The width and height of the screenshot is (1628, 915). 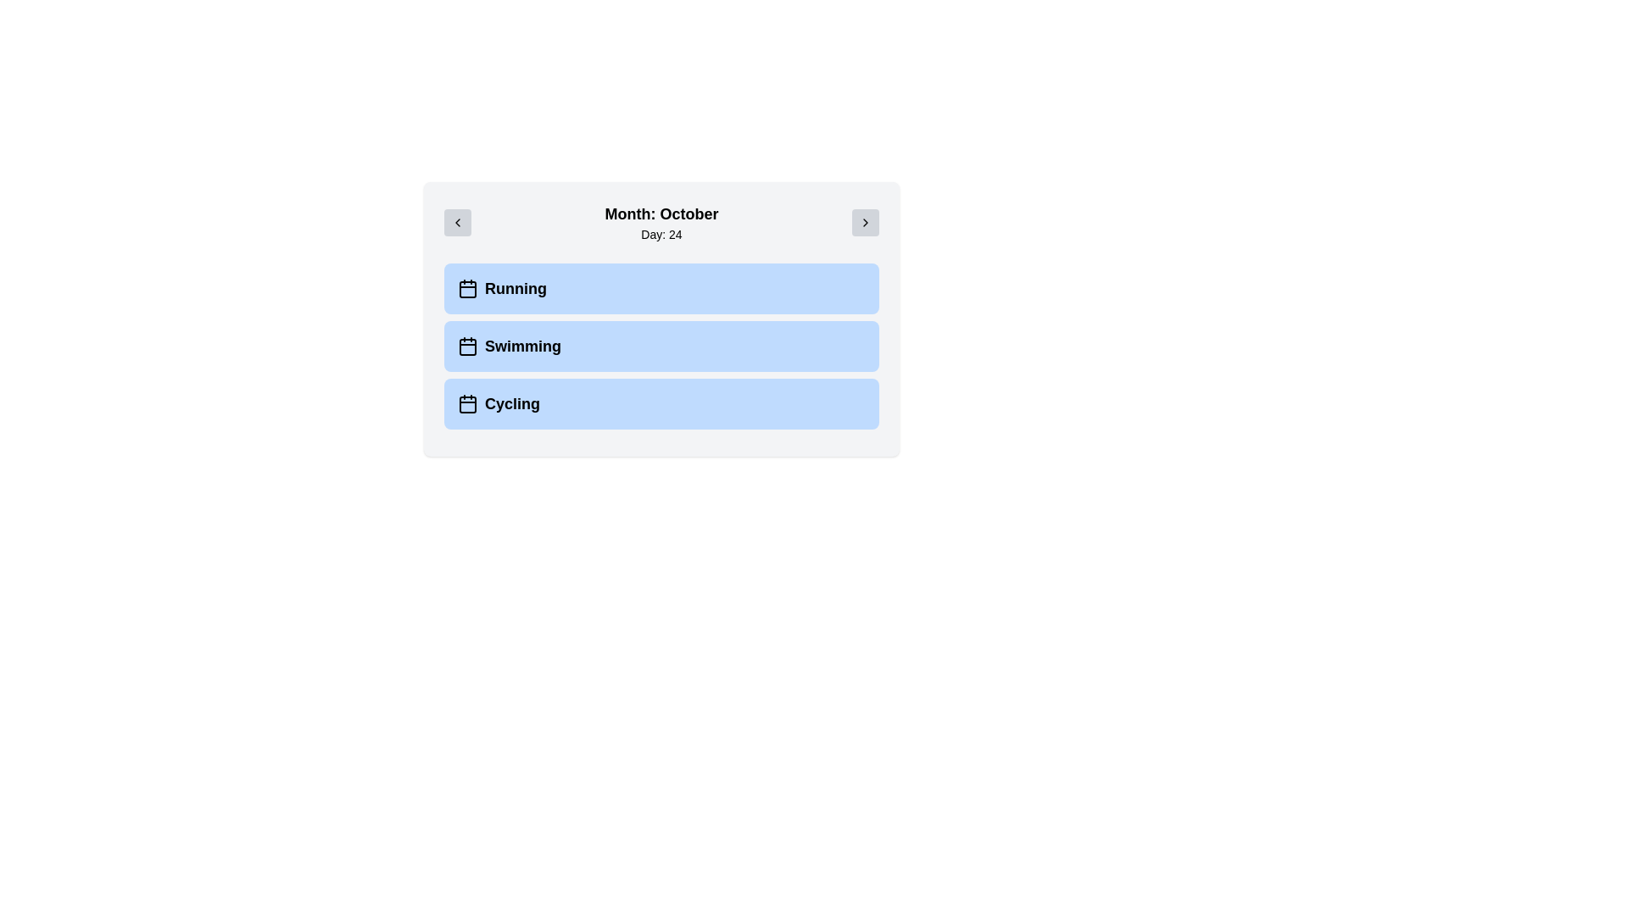 I want to click on the calendar icon, which is a compact outline-style icon with a rectangular shape and located next to the 'Swimming' label on a blue background, so click(x=468, y=345).